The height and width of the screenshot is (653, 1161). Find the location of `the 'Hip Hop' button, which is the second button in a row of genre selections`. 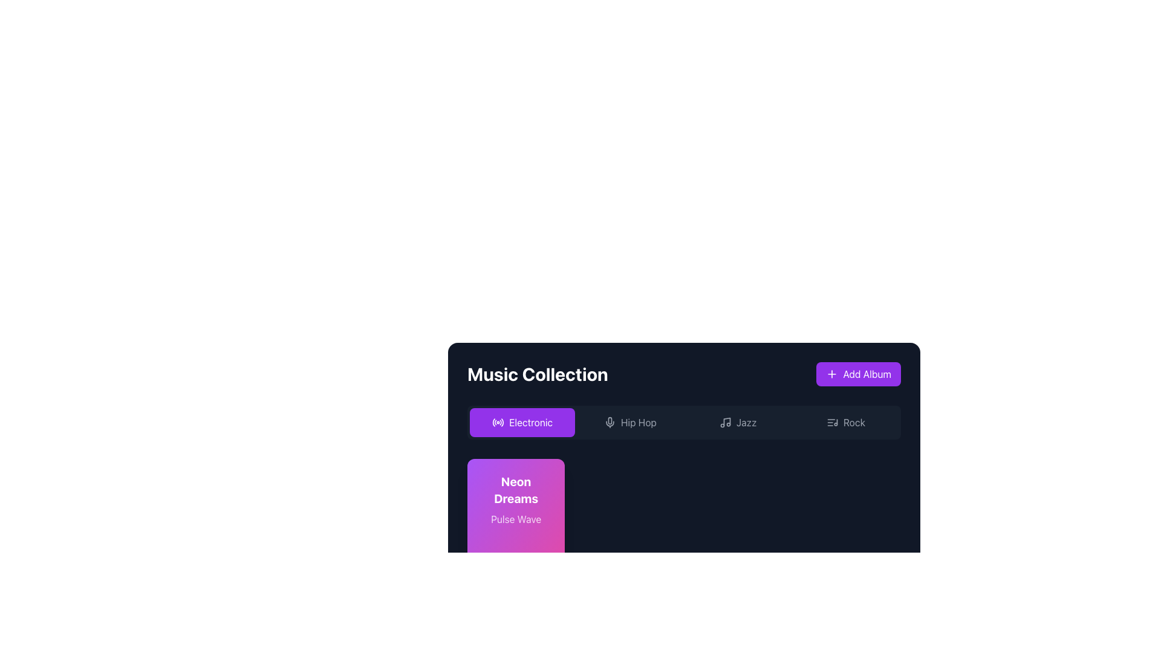

the 'Hip Hop' button, which is the second button in a row of genre selections is located at coordinates (629, 421).